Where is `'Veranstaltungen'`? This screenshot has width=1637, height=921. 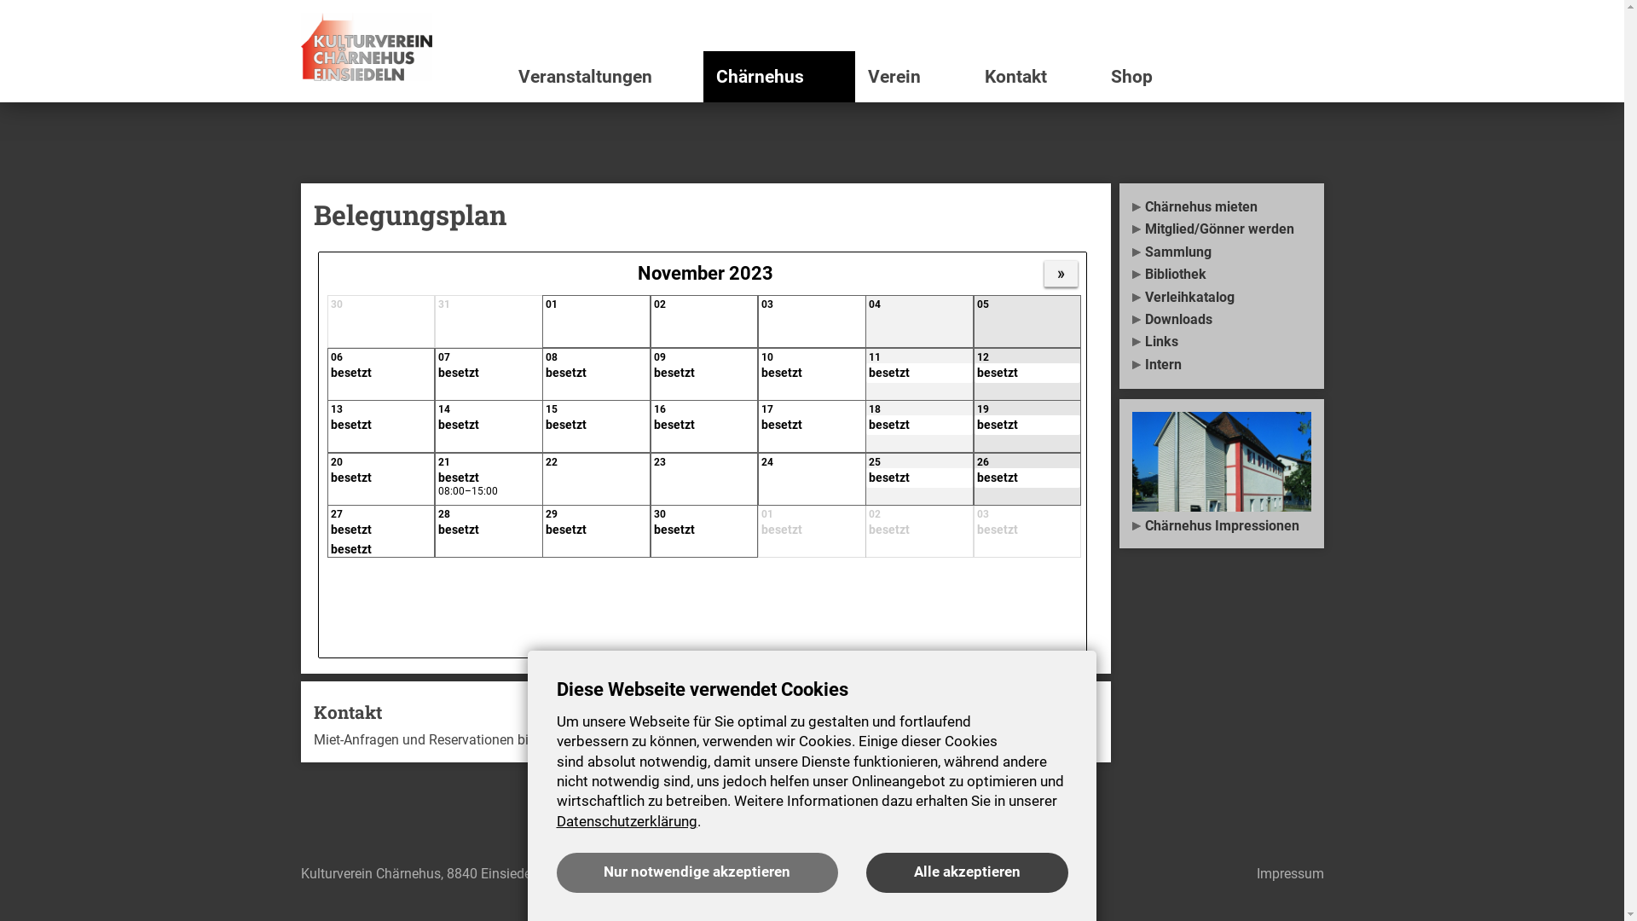
'Veranstaltungen' is located at coordinates (604, 75).